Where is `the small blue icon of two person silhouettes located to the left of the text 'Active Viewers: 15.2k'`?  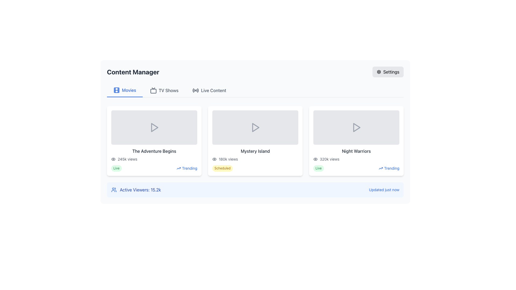
the small blue icon of two person silhouettes located to the left of the text 'Active Viewers: 15.2k' is located at coordinates (113, 189).